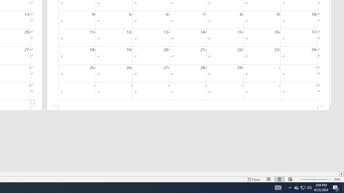 The image size is (344, 193). What do you see at coordinates (279, 179) in the screenshot?
I see `'Print Layout'` at bounding box center [279, 179].